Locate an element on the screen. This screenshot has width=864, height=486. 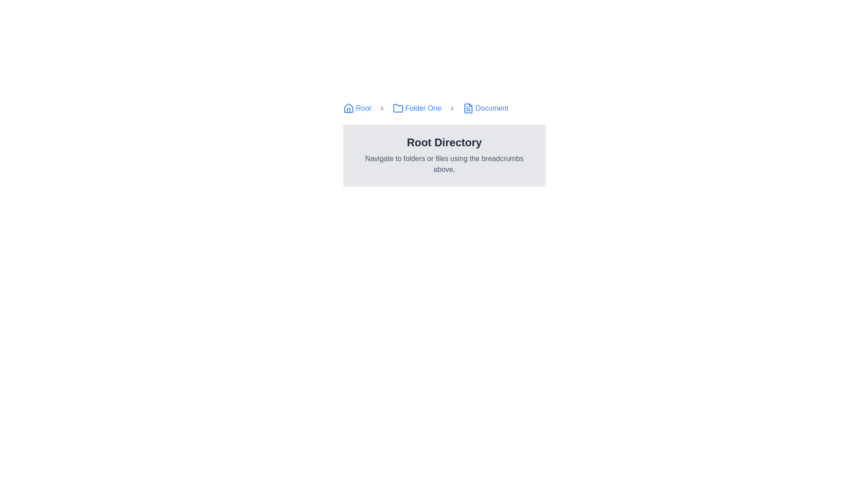
the folder icon labeled 'Folder One' in the breadcrumb navigation, which is positioned second after 'Root' is located at coordinates (397, 108).